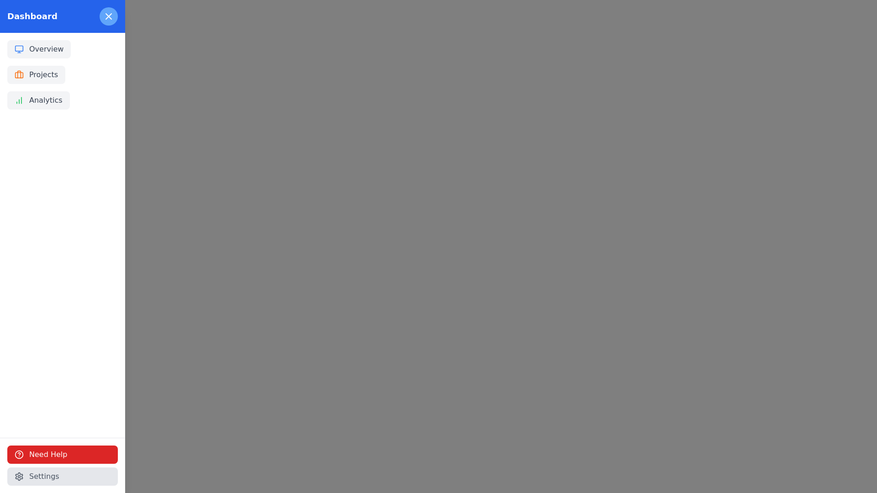 Image resolution: width=877 pixels, height=493 pixels. Describe the element at coordinates (19, 476) in the screenshot. I see `the gear-shaped settings icon located in the bottom-left corner of the interface, beneath the 'Need Help' button` at that location.